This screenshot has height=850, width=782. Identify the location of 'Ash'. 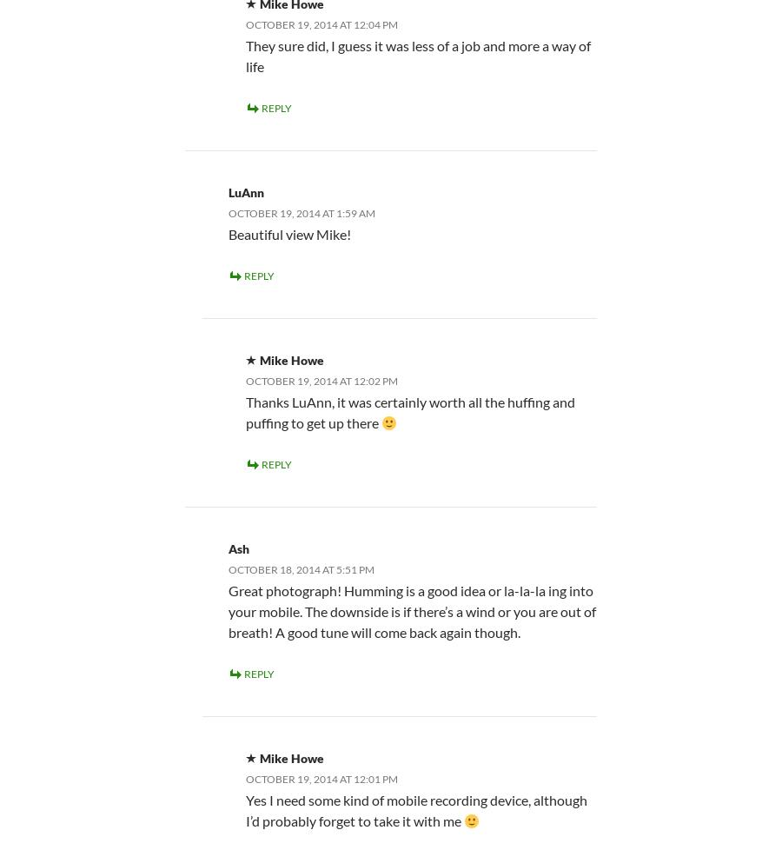
(238, 548).